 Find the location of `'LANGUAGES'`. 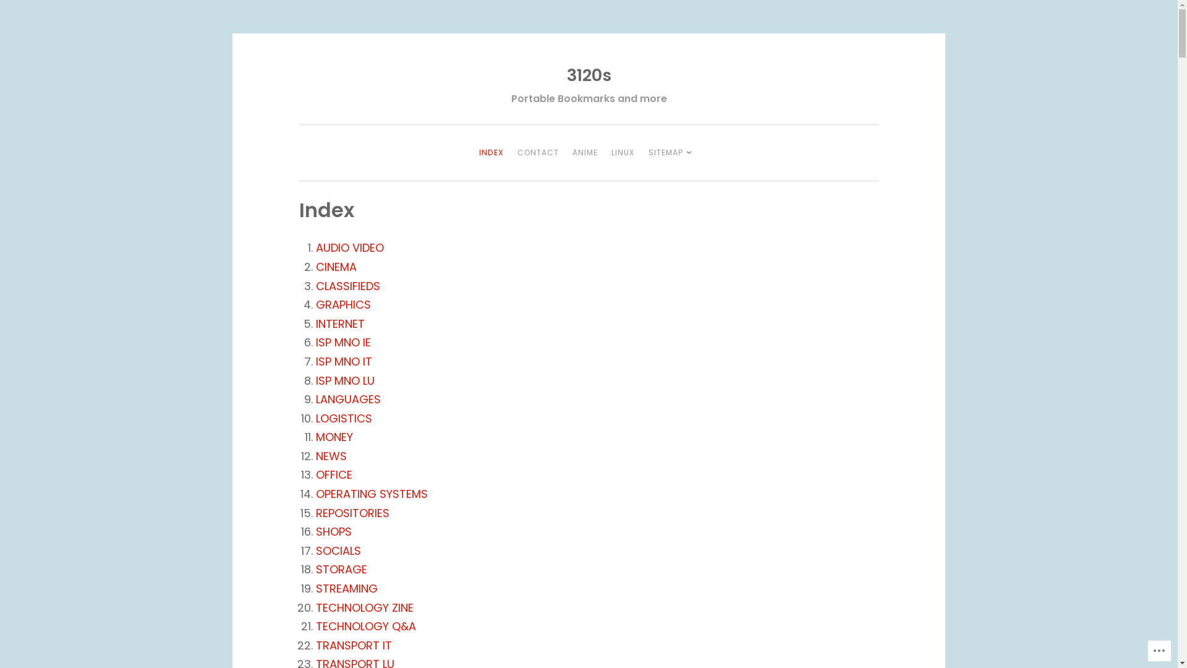

'LANGUAGES' is located at coordinates (347, 399).